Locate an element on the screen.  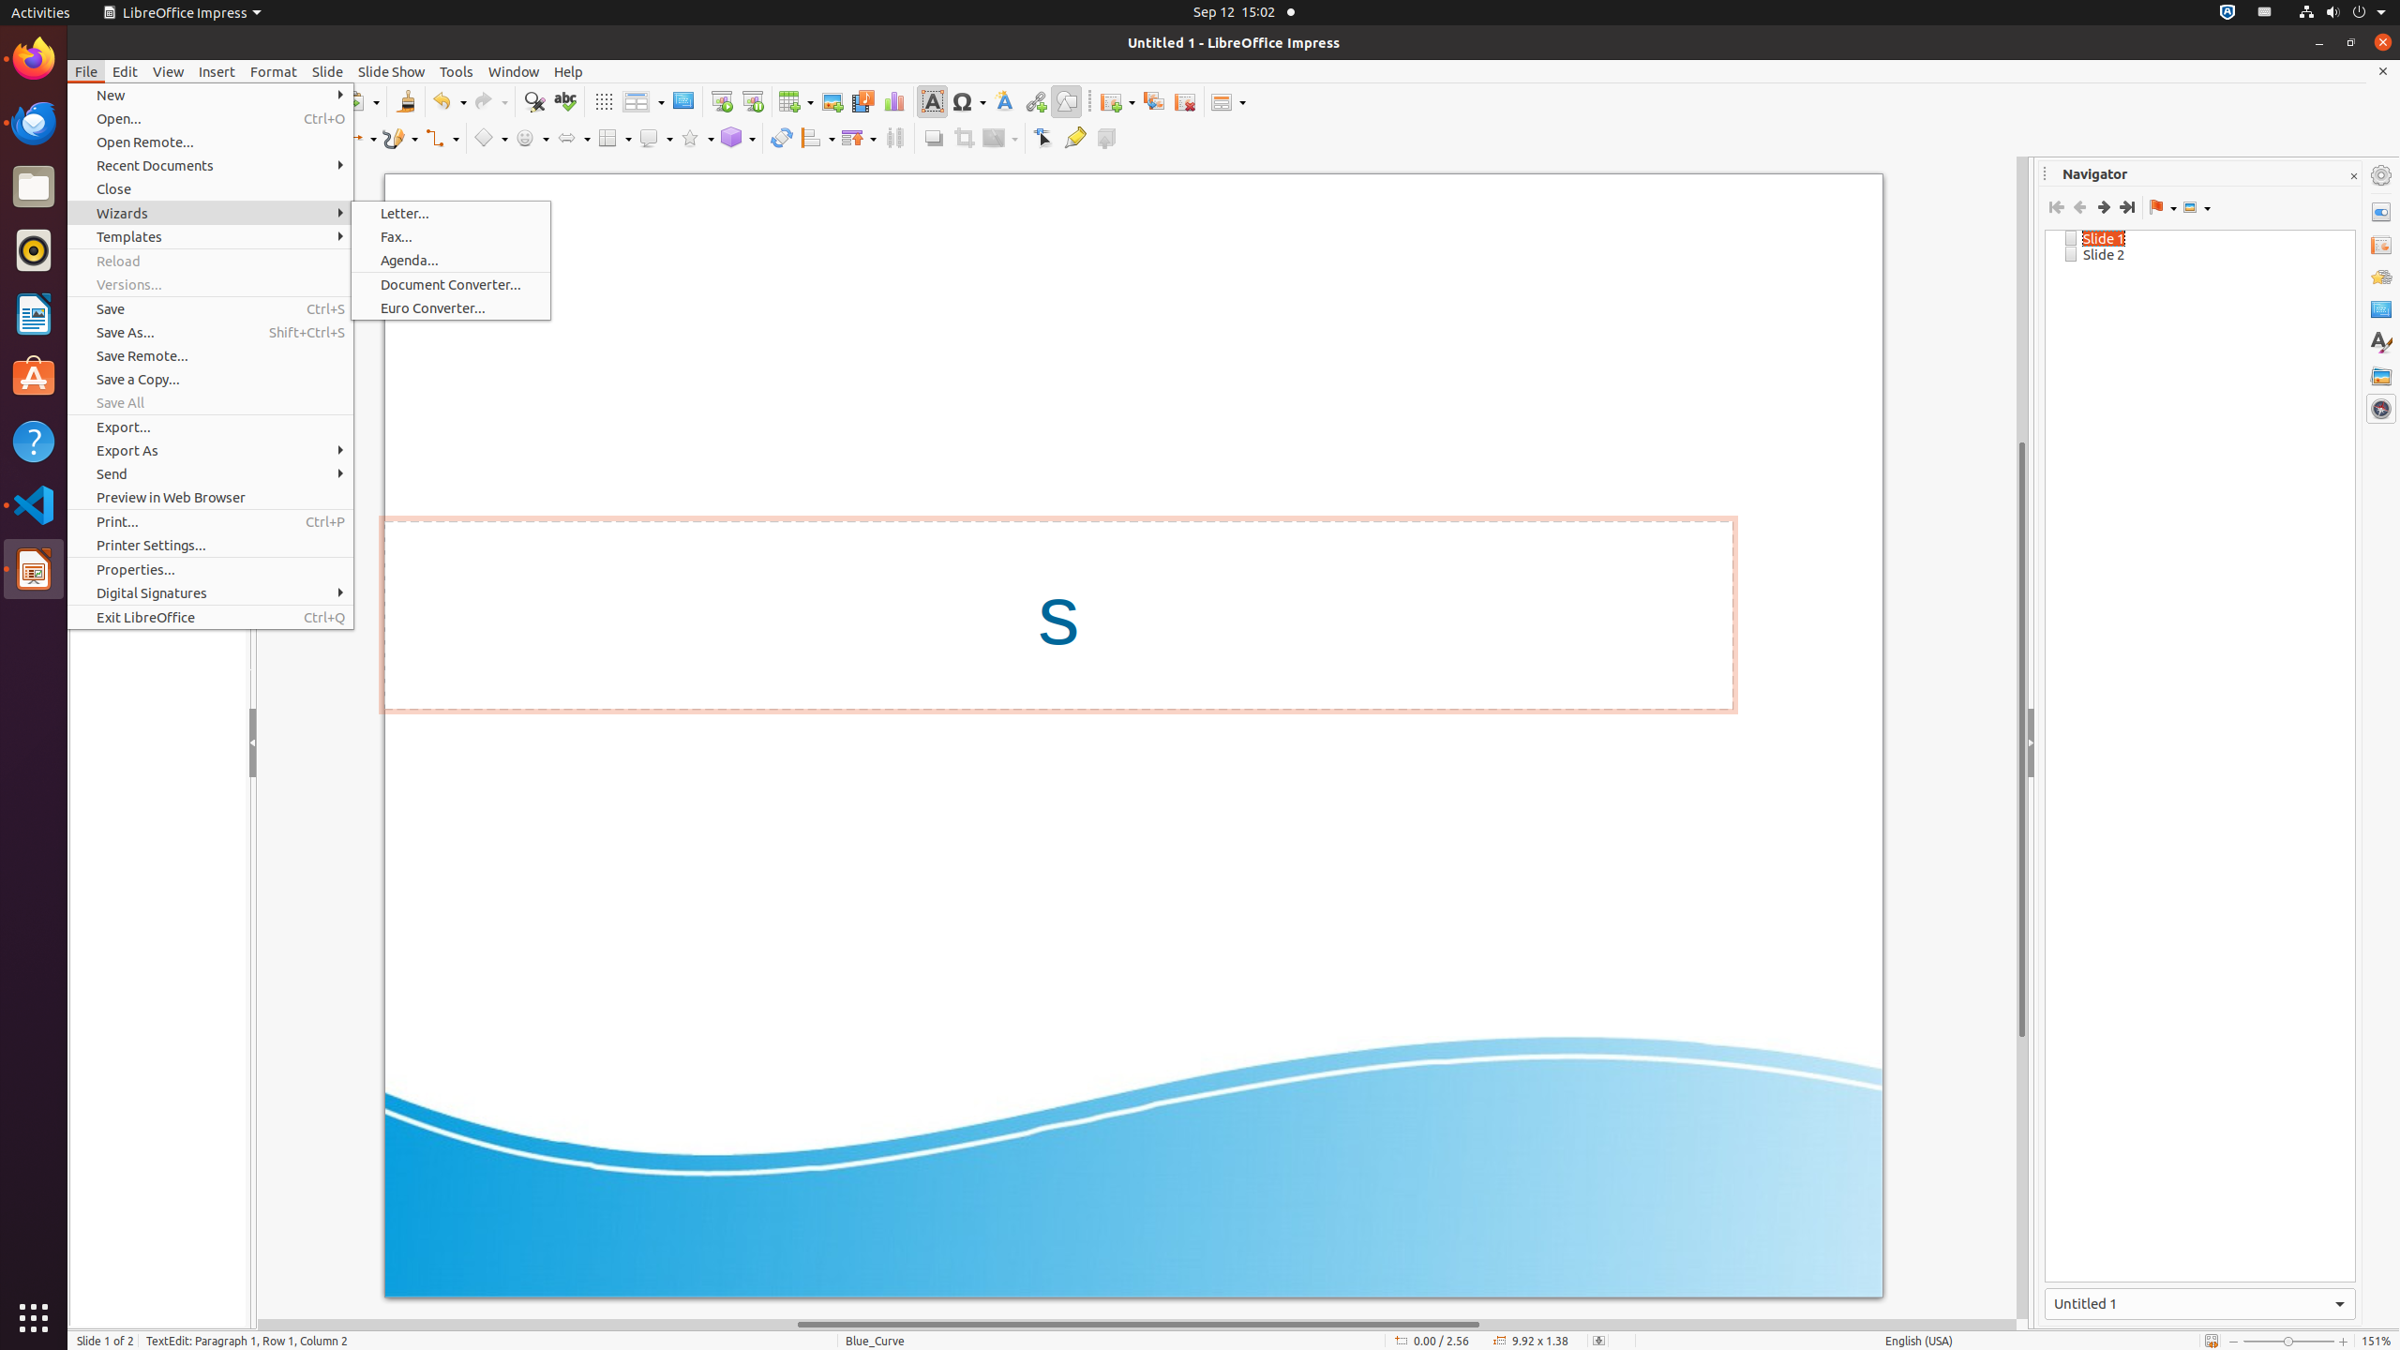
'Exit LibreOffice' is located at coordinates (210, 617).